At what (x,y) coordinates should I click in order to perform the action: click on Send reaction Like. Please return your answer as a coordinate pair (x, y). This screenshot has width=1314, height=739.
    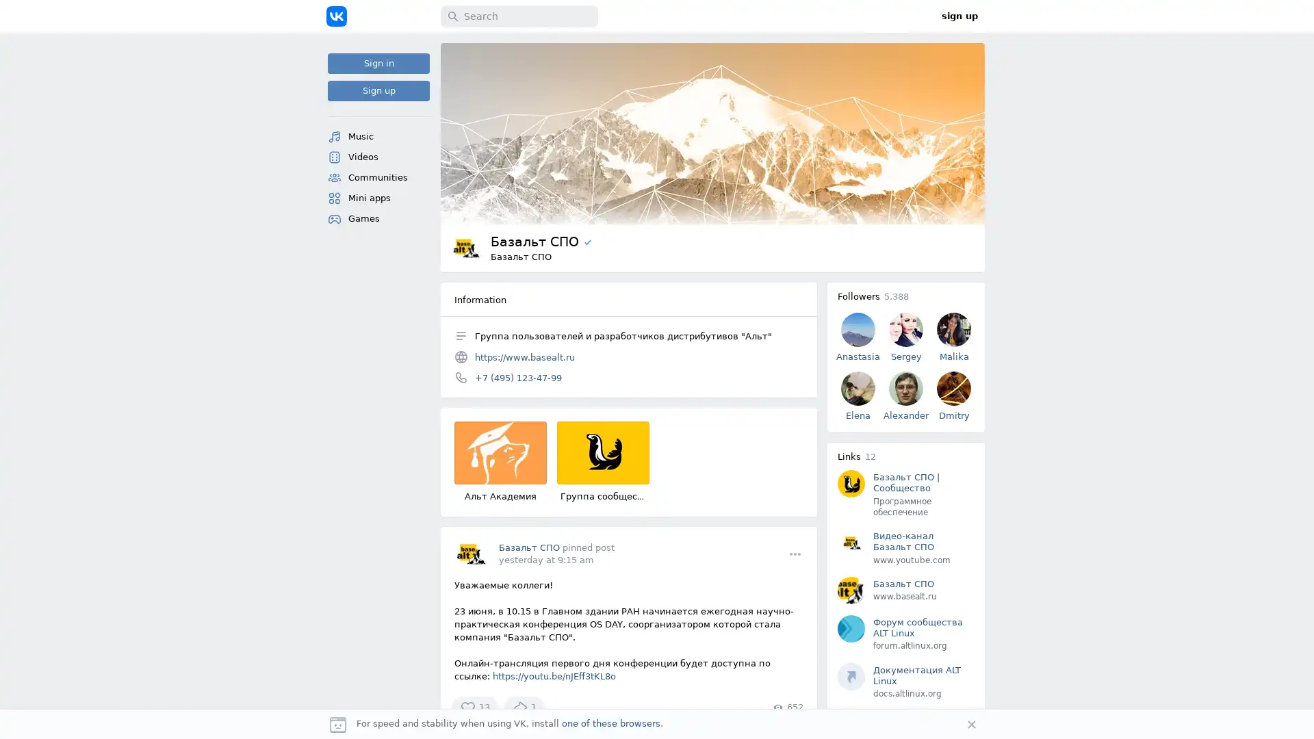
    Looking at the image, I should click on (475, 707).